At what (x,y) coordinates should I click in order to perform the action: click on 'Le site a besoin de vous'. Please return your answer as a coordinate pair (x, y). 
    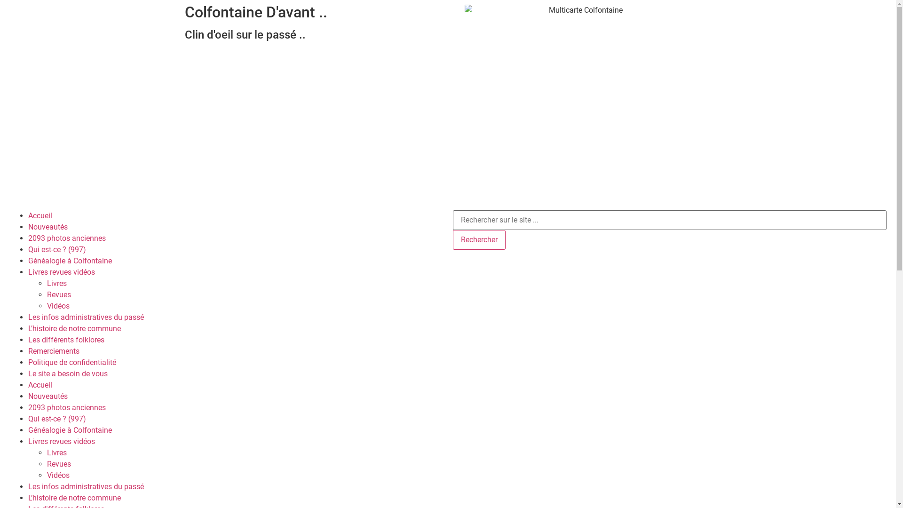
    Looking at the image, I should click on (28, 373).